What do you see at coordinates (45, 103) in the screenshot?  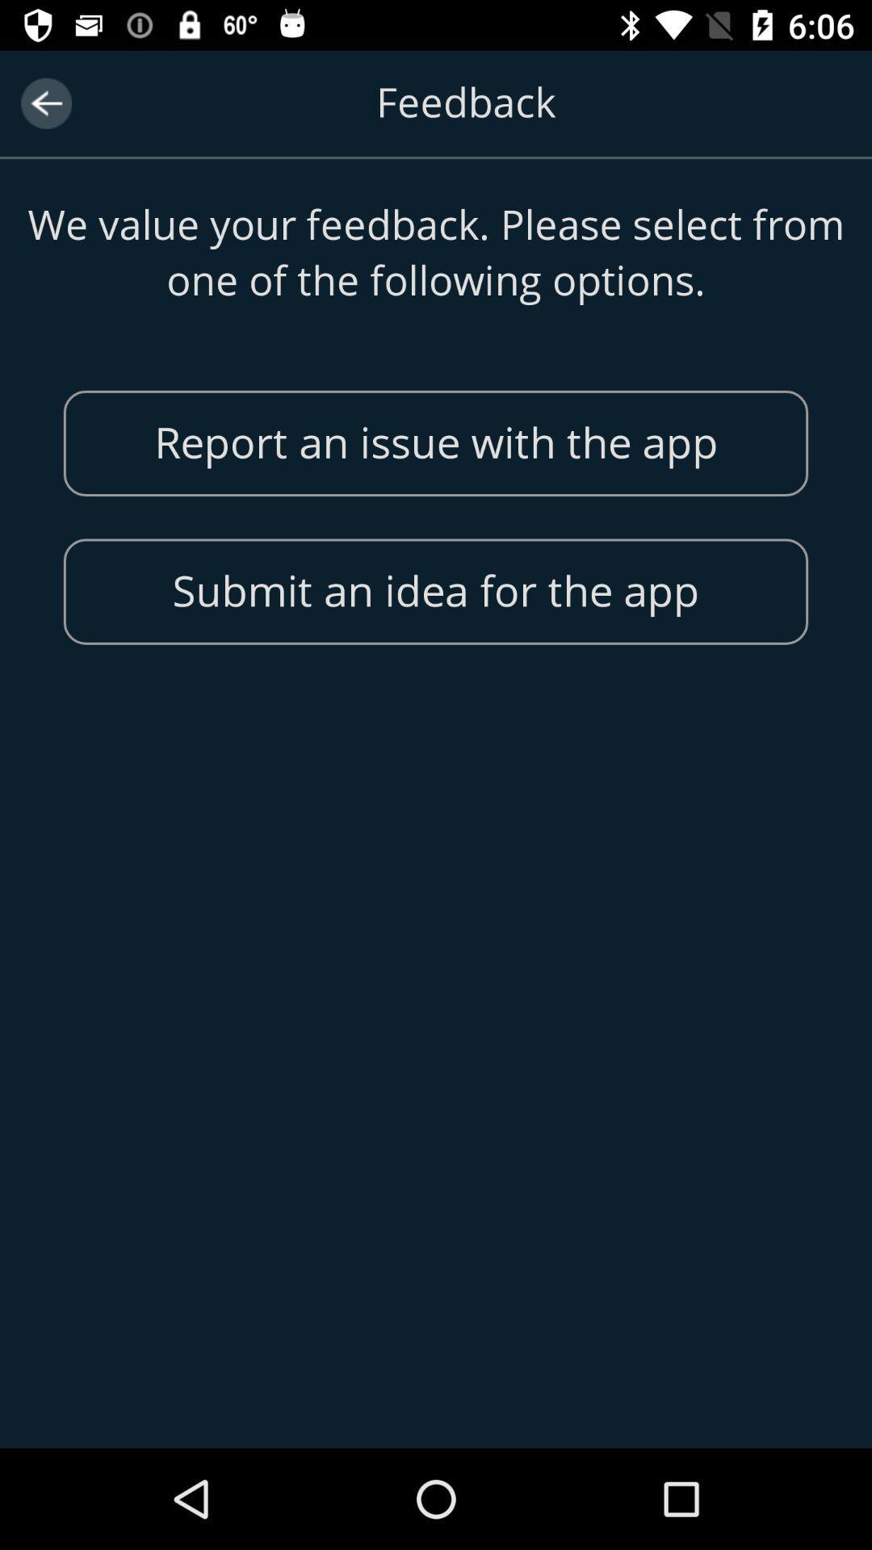 I see `the arrow_backward icon` at bounding box center [45, 103].